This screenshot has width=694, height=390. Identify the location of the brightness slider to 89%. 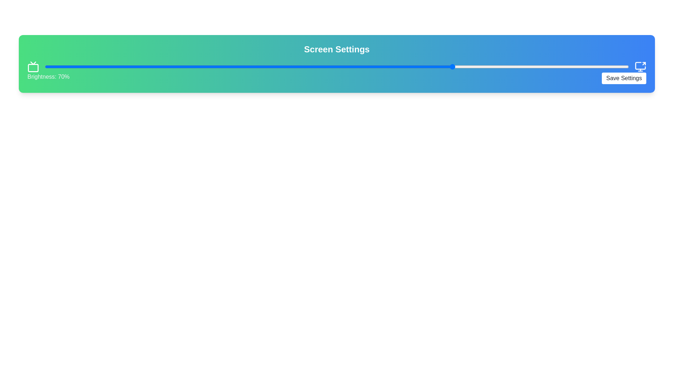
(564, 67).